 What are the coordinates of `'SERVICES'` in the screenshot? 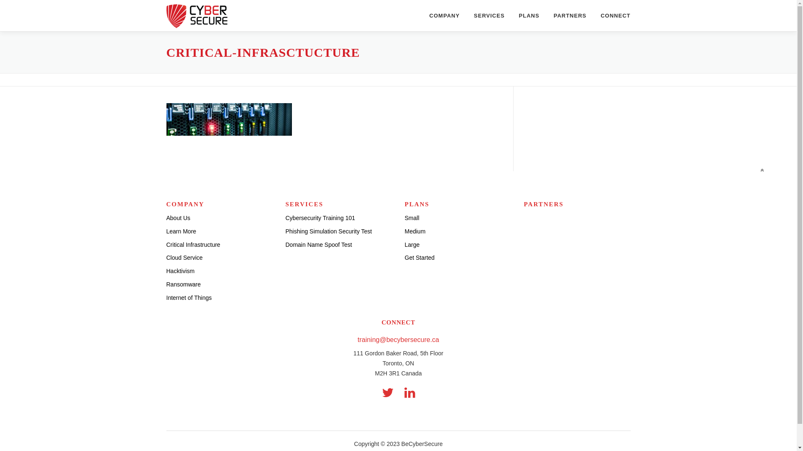 It's located at (489, 15).